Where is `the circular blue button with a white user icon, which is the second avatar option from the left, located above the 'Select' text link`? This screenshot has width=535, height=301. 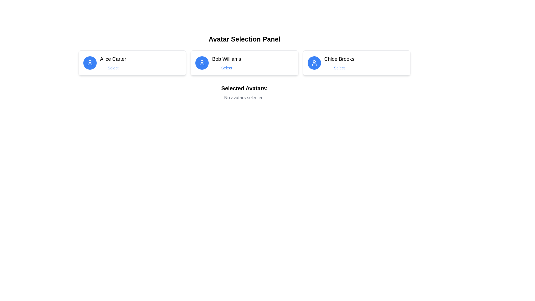
the circular blue button with a white user icon, which is the second avatar option from the left, located above the 'Select' text link is located at coordinates (202, 63).